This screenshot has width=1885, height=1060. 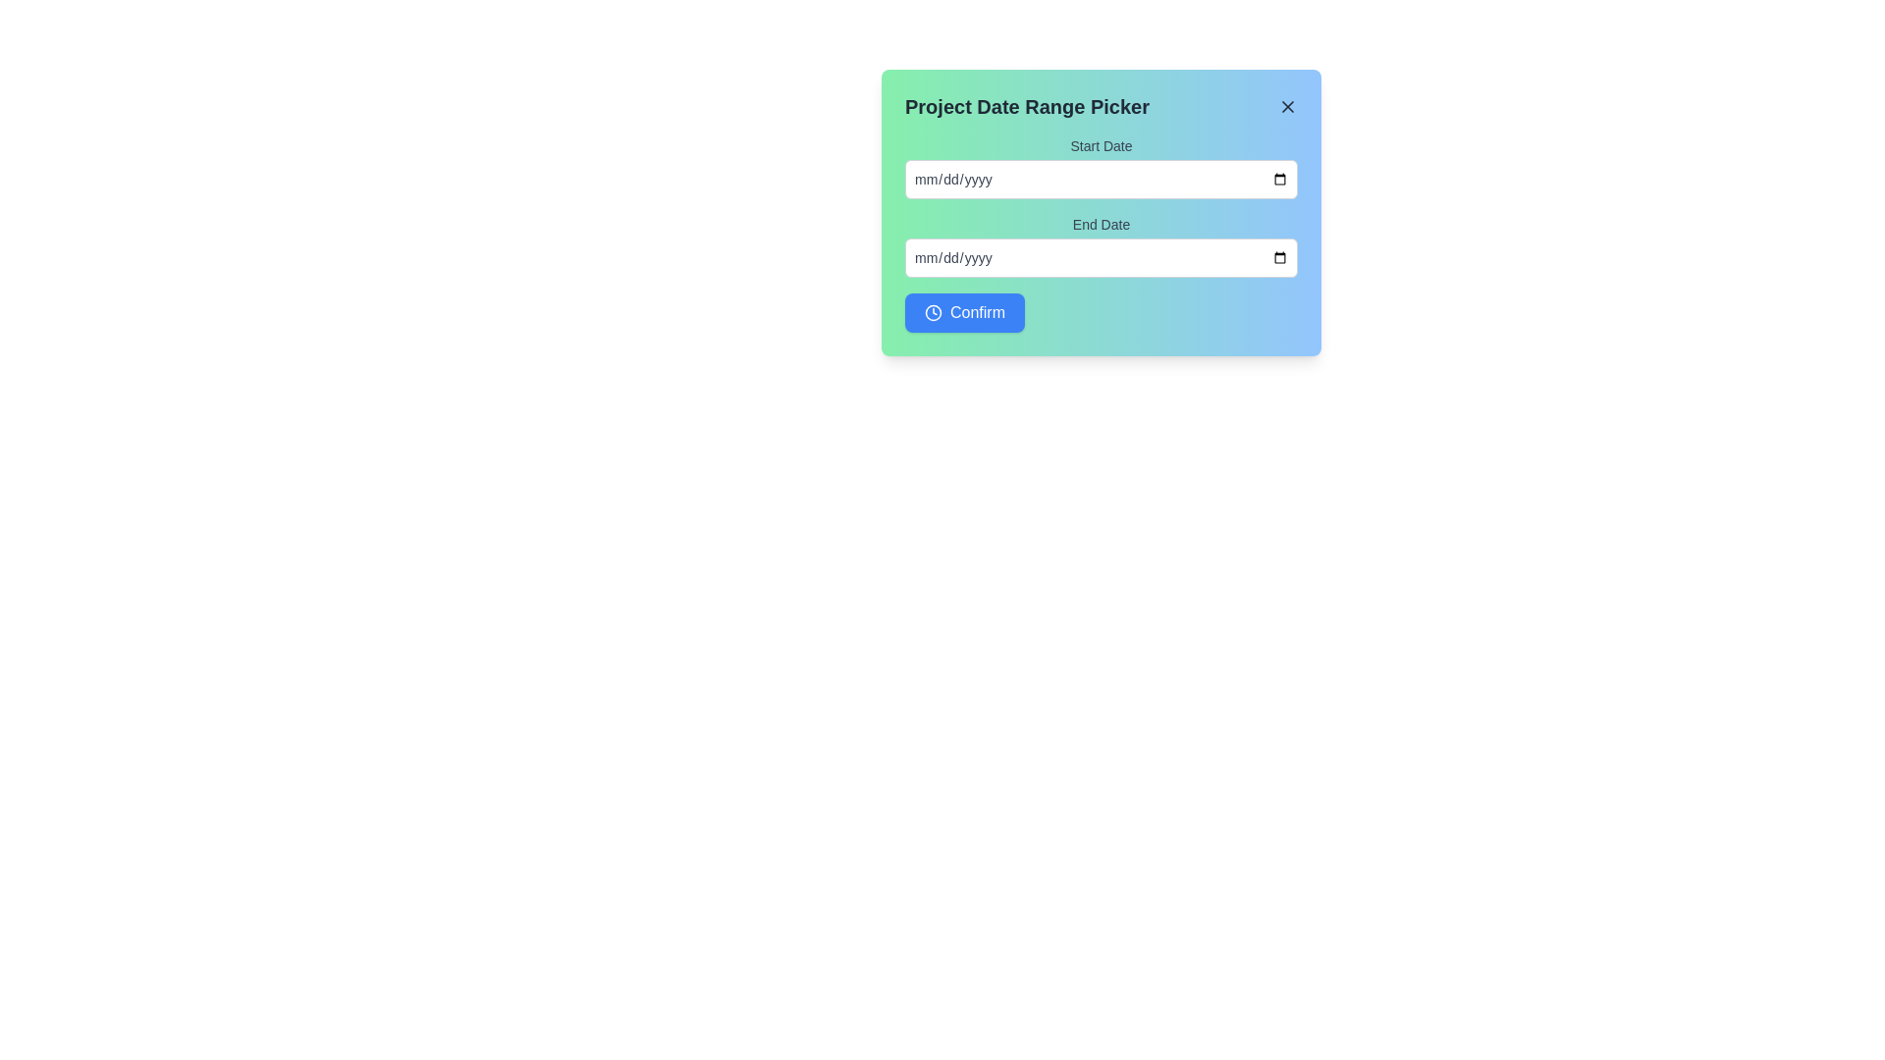 What do you see at coordinates (1287, 106) in the screenshot?
I see `the close button (styled as an 'X' symbol) in the top-right corner of the 'Project Date Range Picker' dialog box` at bounding box center [1287, 106].